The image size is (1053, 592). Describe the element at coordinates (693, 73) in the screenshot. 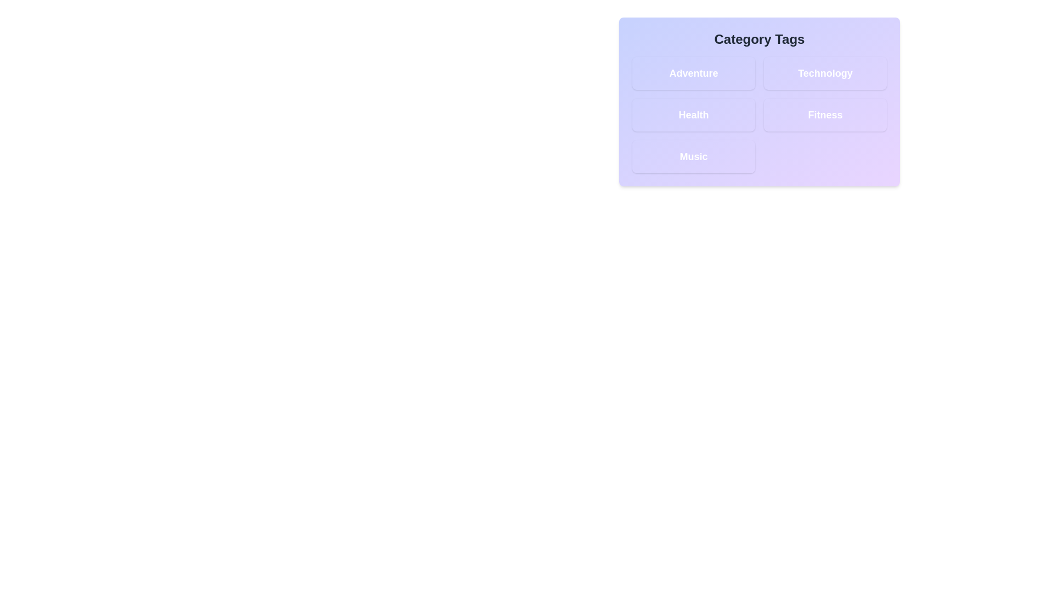

I see `the tag labeled Adventure to toggle its active state` at that location.